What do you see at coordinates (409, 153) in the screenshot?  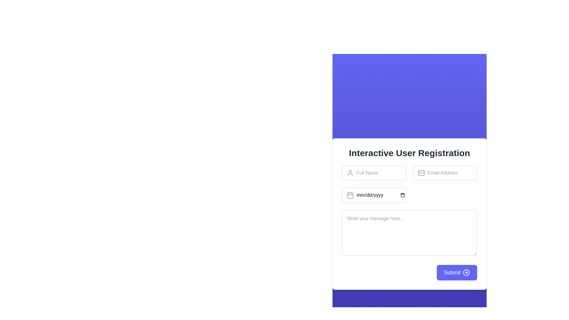 I see `header text element located at the top of the user registration form card, which is positioned at the center of the page` at bounding box center [409, 153].